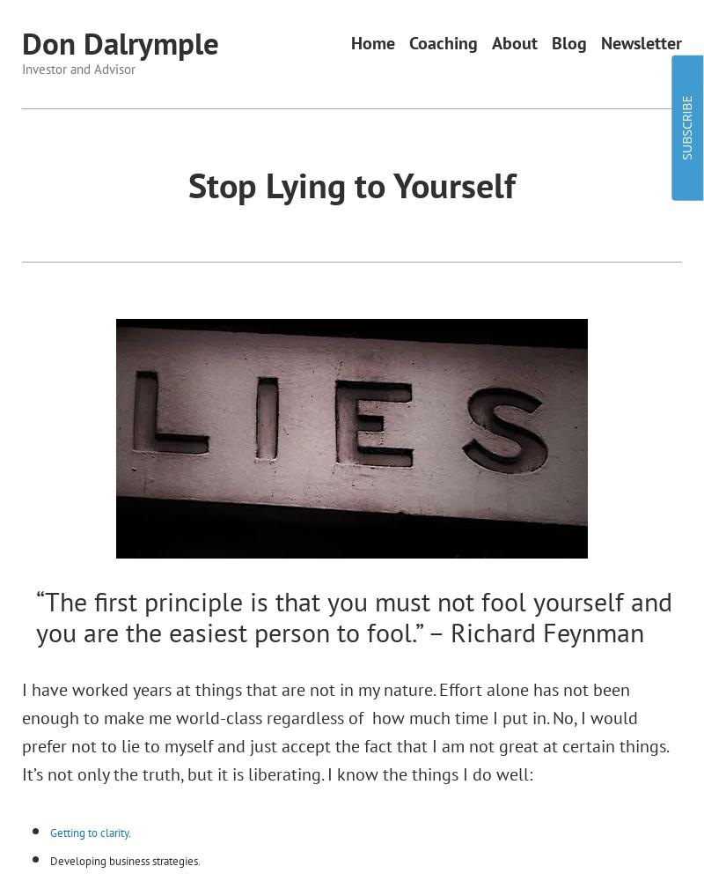  I want to click on 'Getting to clarity', so click(48, 831).